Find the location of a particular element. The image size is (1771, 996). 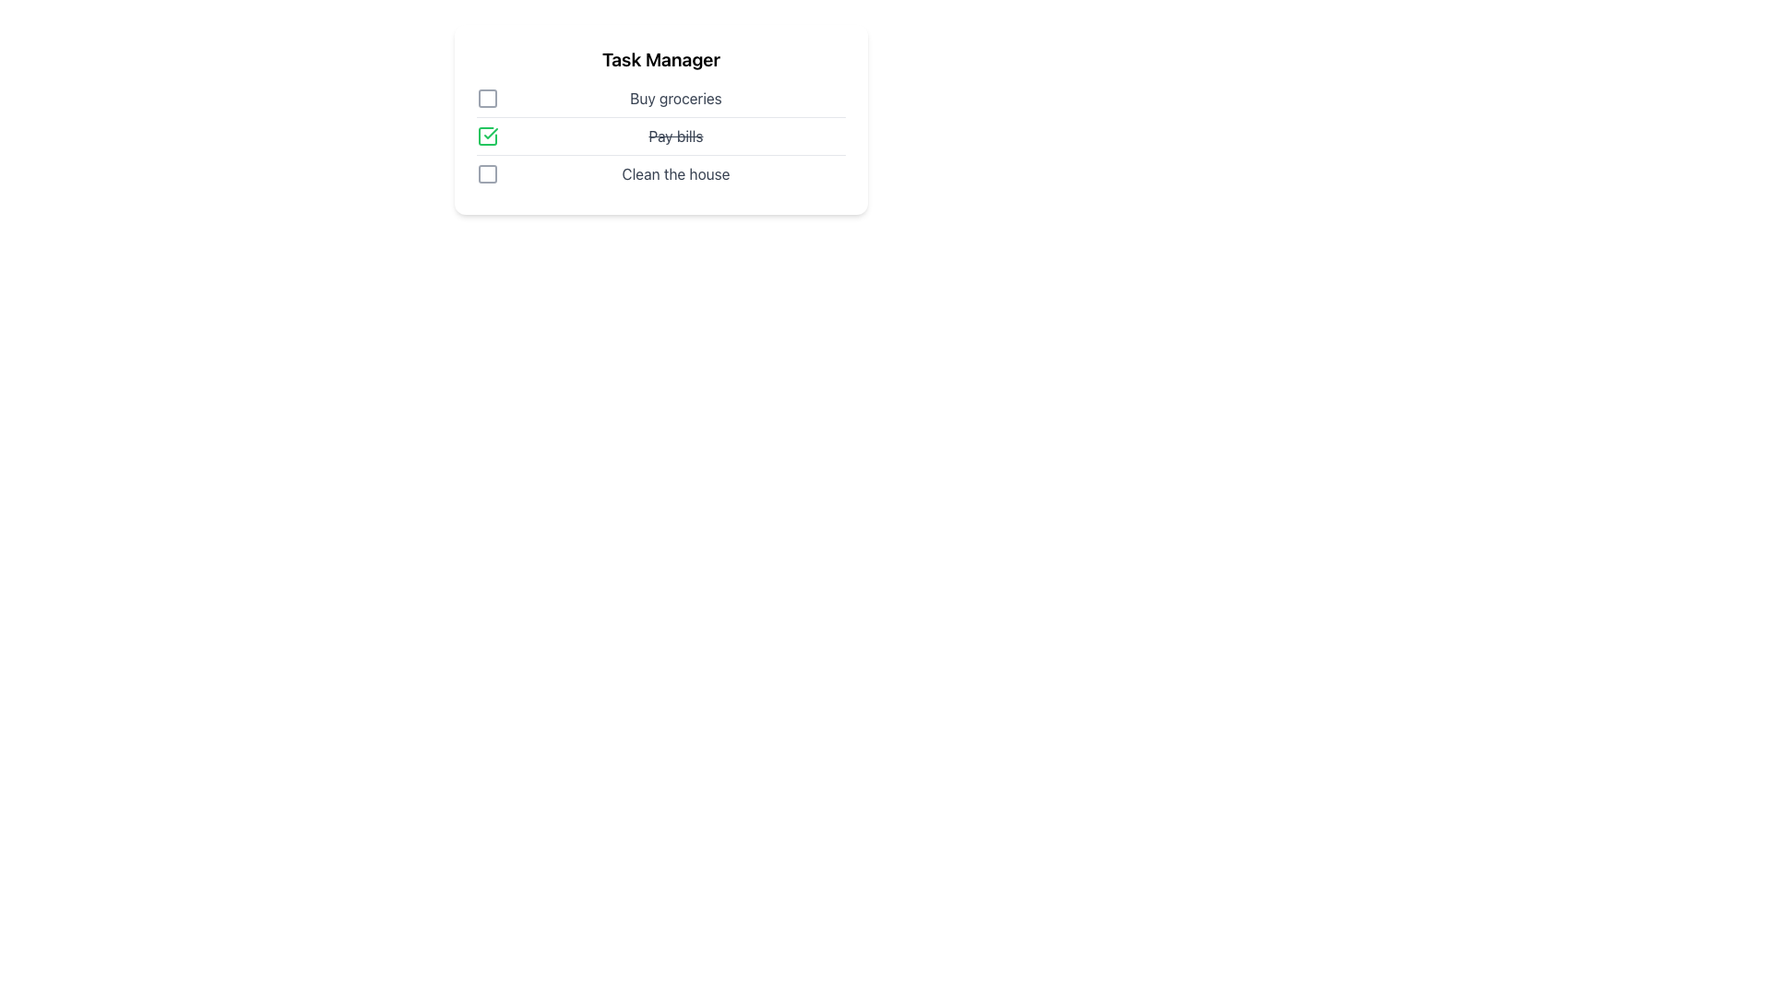

the small red square icon, which is the third icon in the task list interface aligned with the 'Clean the house' text is located at coordinates (487, 174).